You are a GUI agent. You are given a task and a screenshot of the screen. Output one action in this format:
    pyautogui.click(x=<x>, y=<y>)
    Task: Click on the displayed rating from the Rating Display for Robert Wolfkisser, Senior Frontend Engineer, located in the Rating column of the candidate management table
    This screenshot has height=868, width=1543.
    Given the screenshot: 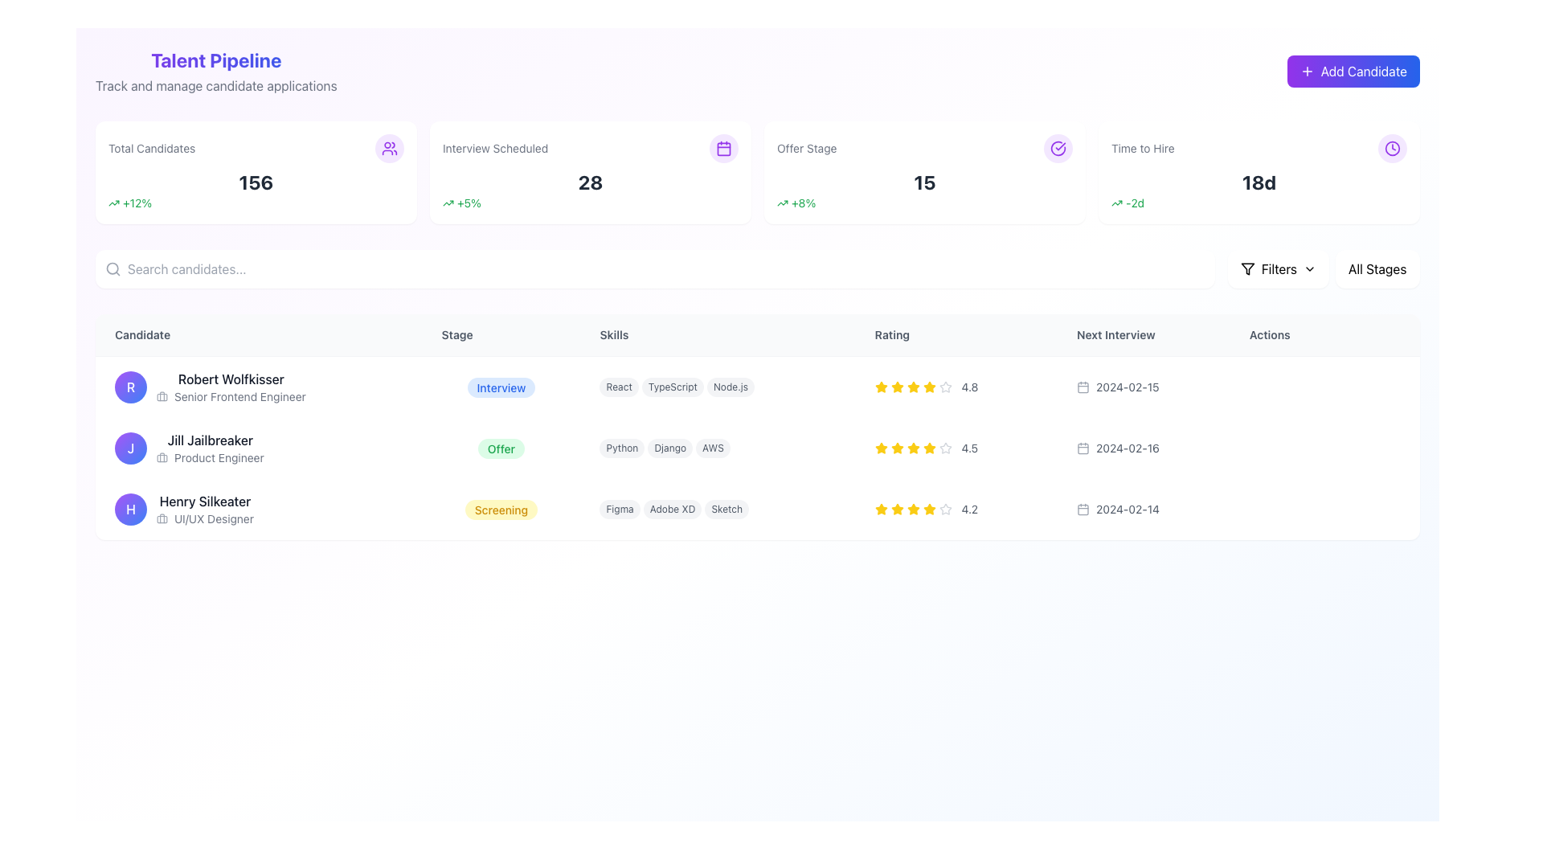 What is the action you would take?
    pyautogui.click(x=956, y=387)
    